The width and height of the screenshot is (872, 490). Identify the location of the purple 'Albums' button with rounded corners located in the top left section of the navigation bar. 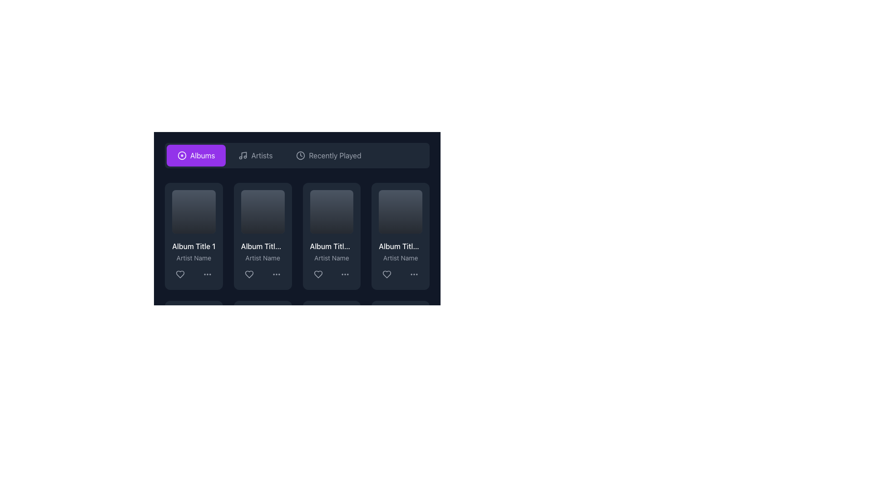
(196, 155).